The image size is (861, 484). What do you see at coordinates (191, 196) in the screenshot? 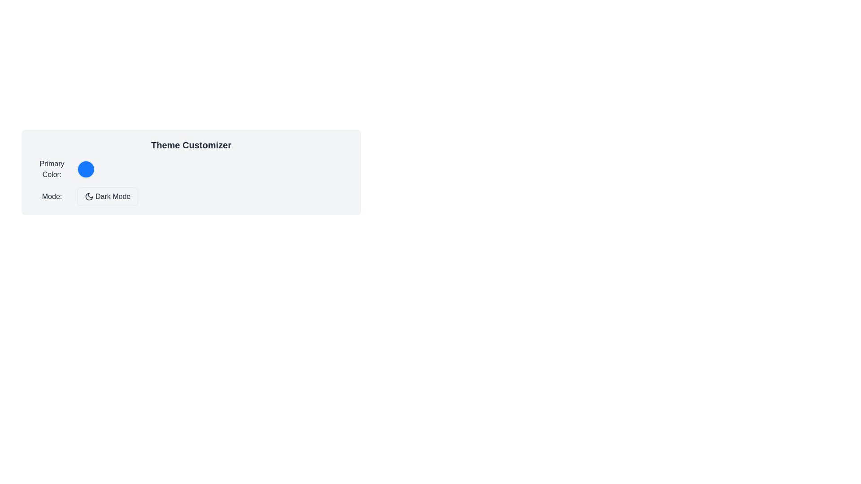
I see `the second interactive button that toggles the 'Dark Mode' setting` at bounding box center [191, 196].